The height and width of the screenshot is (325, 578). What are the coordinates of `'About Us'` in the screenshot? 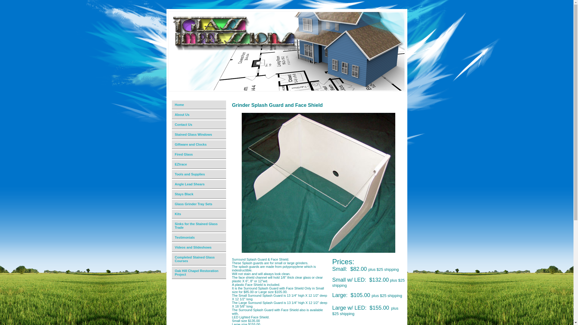 It's located at (199, 115).